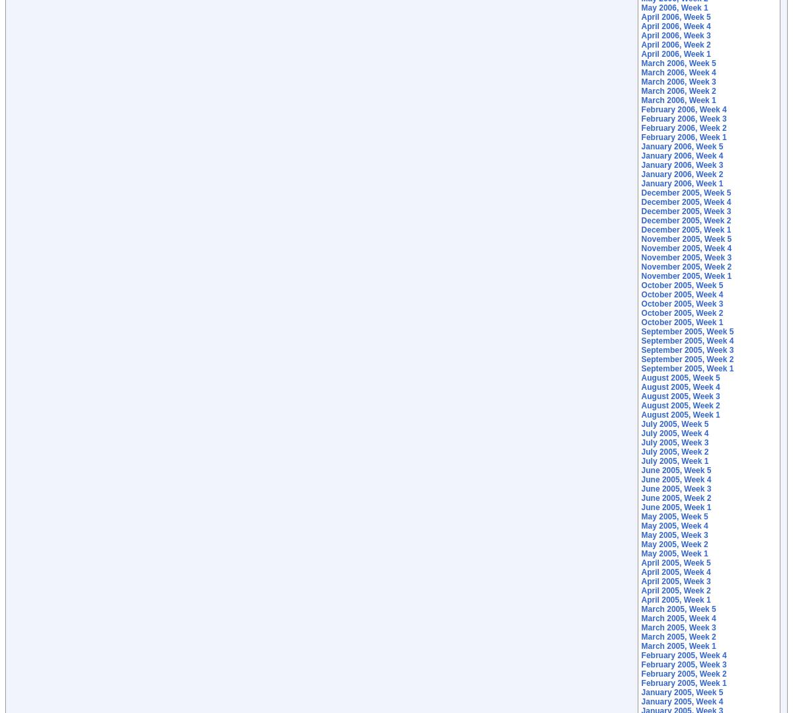 This screenshot has width=793, height=713. What do you see at coordinates (675, 589) in the screenshot?
I see `'April 2005, Week 2'` at bounding box center [675, 589].